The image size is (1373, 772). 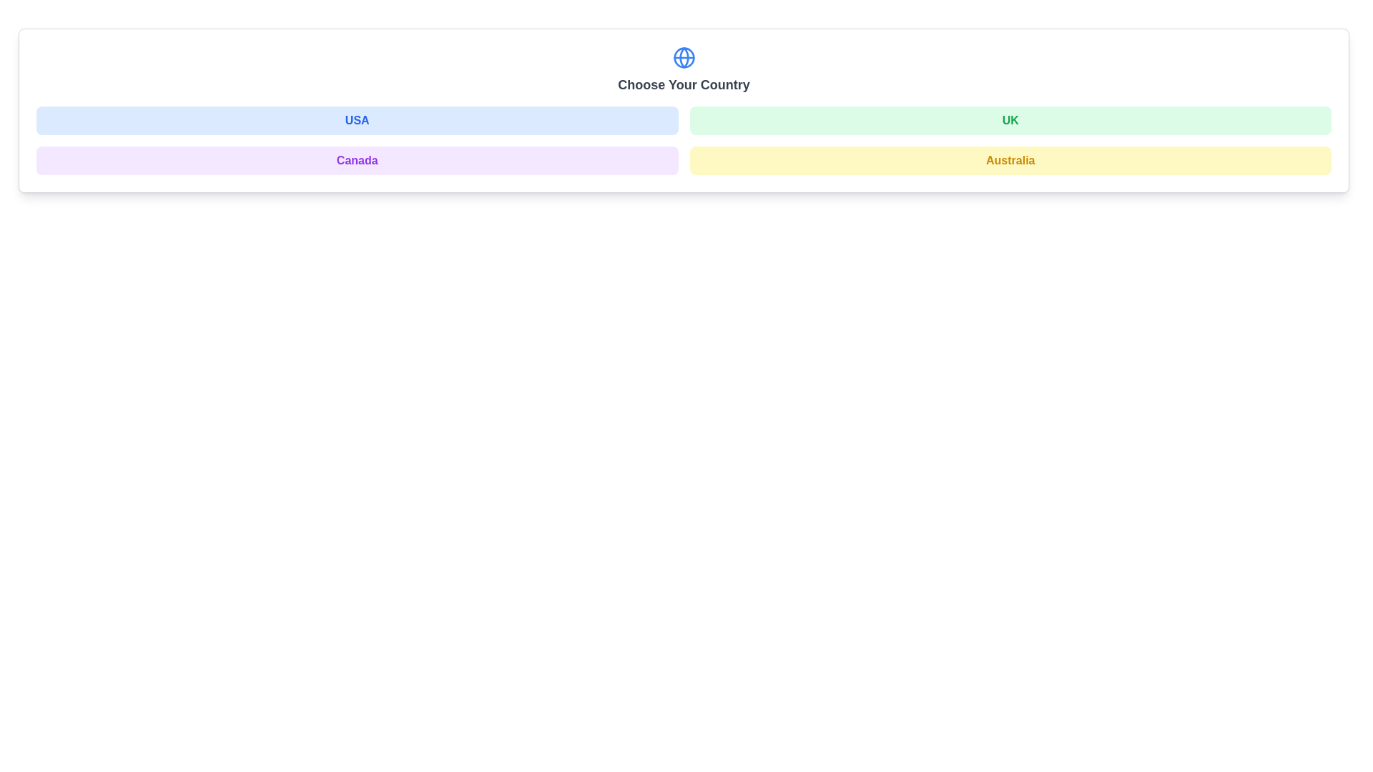 I want to click on the static text heading that instructs users to make a country selection, located centrally at the top of the country options section, so click(x=683, y=85).